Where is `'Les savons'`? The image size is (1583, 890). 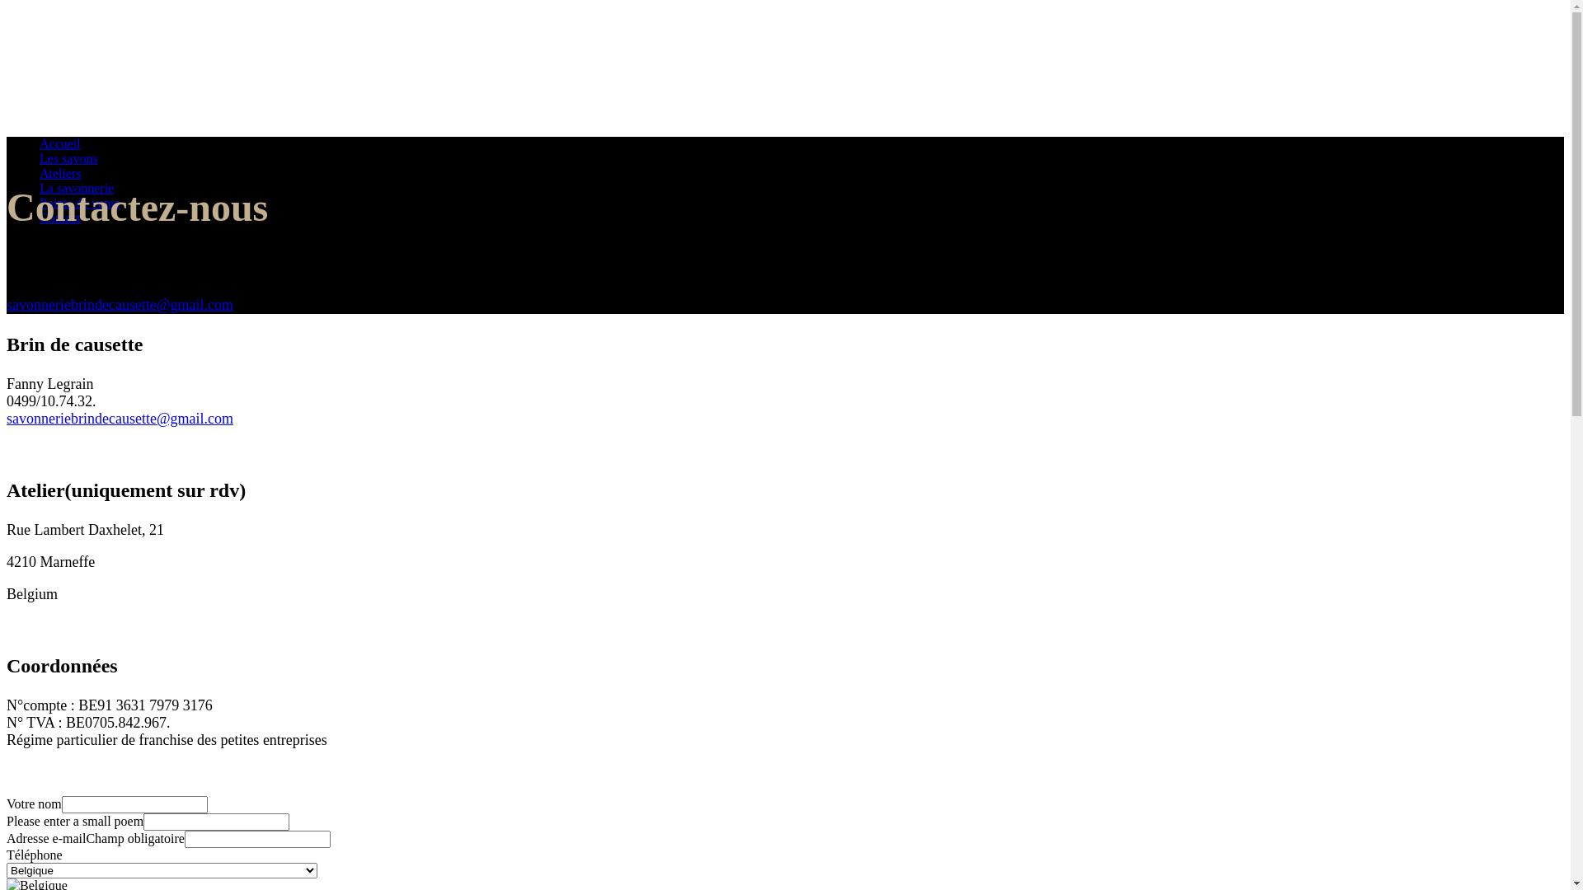
'Les savons' is located at coordinates (40, 158).